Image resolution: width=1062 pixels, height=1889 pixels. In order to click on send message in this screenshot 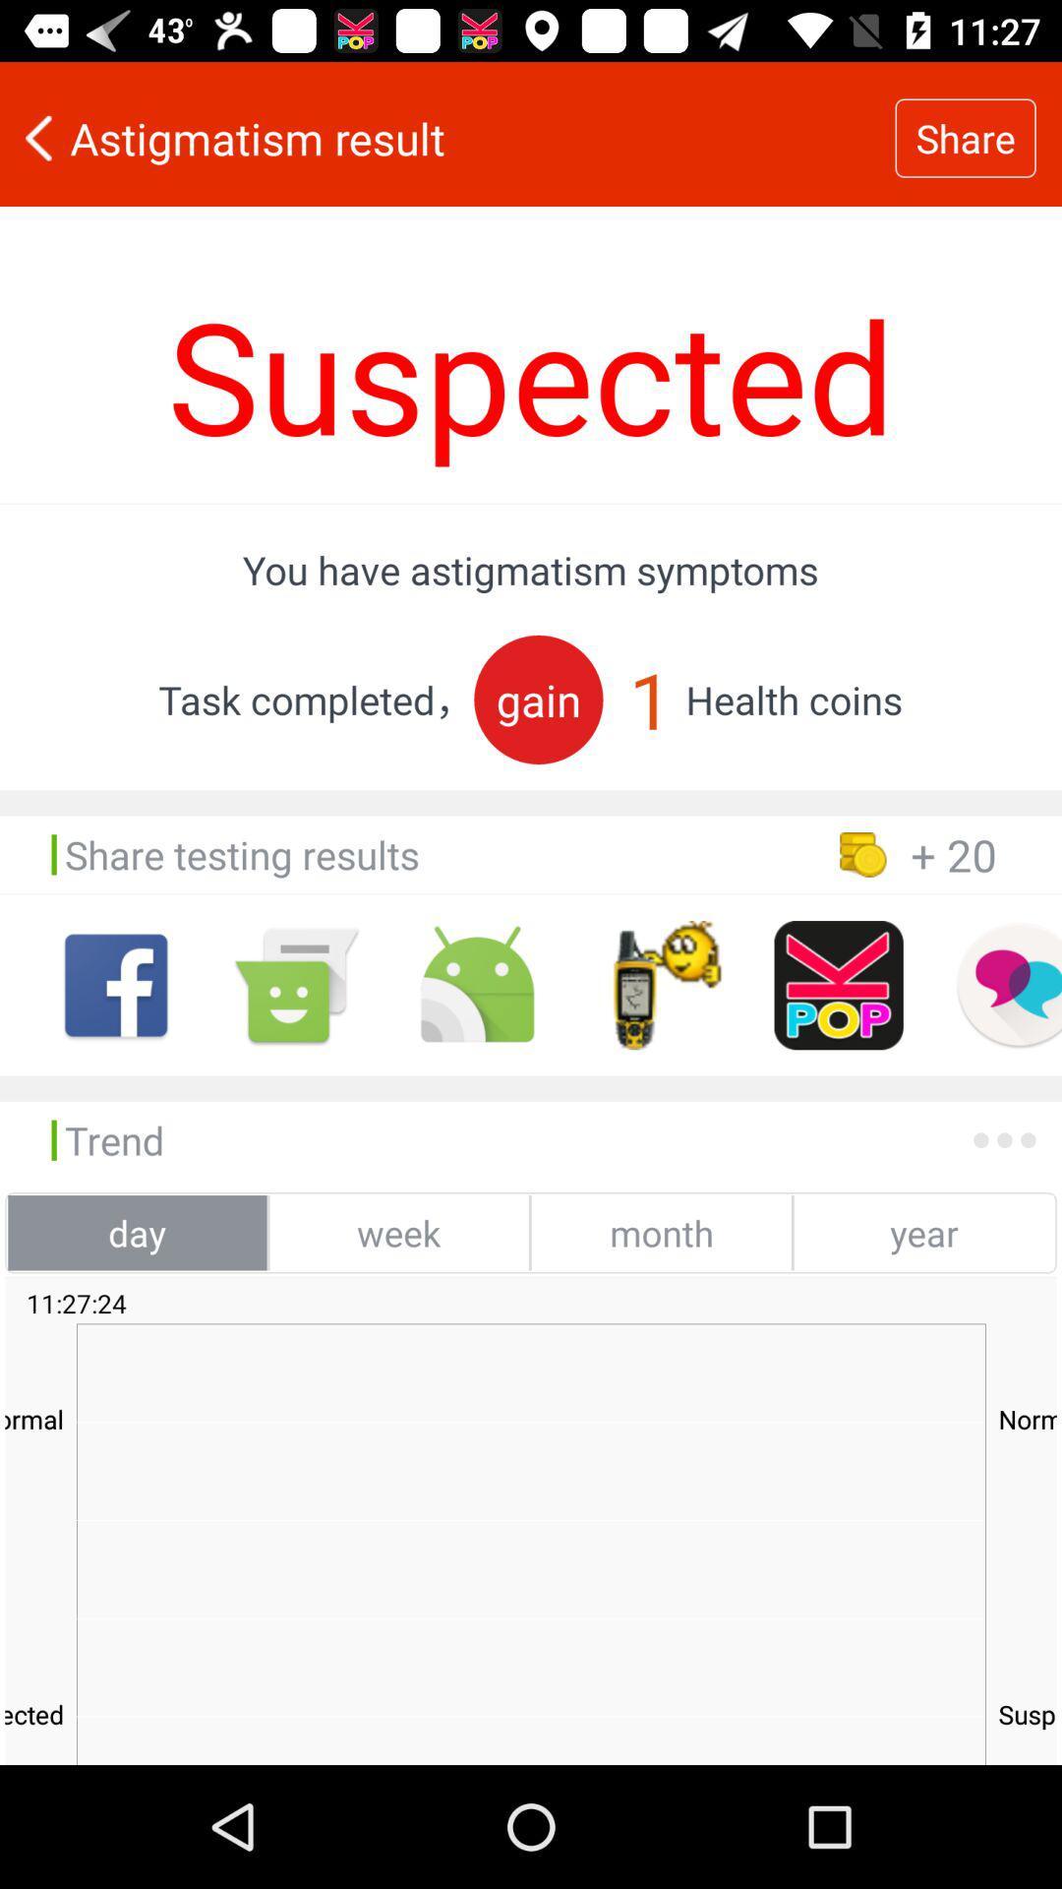, I will do `click(296, 985)`.